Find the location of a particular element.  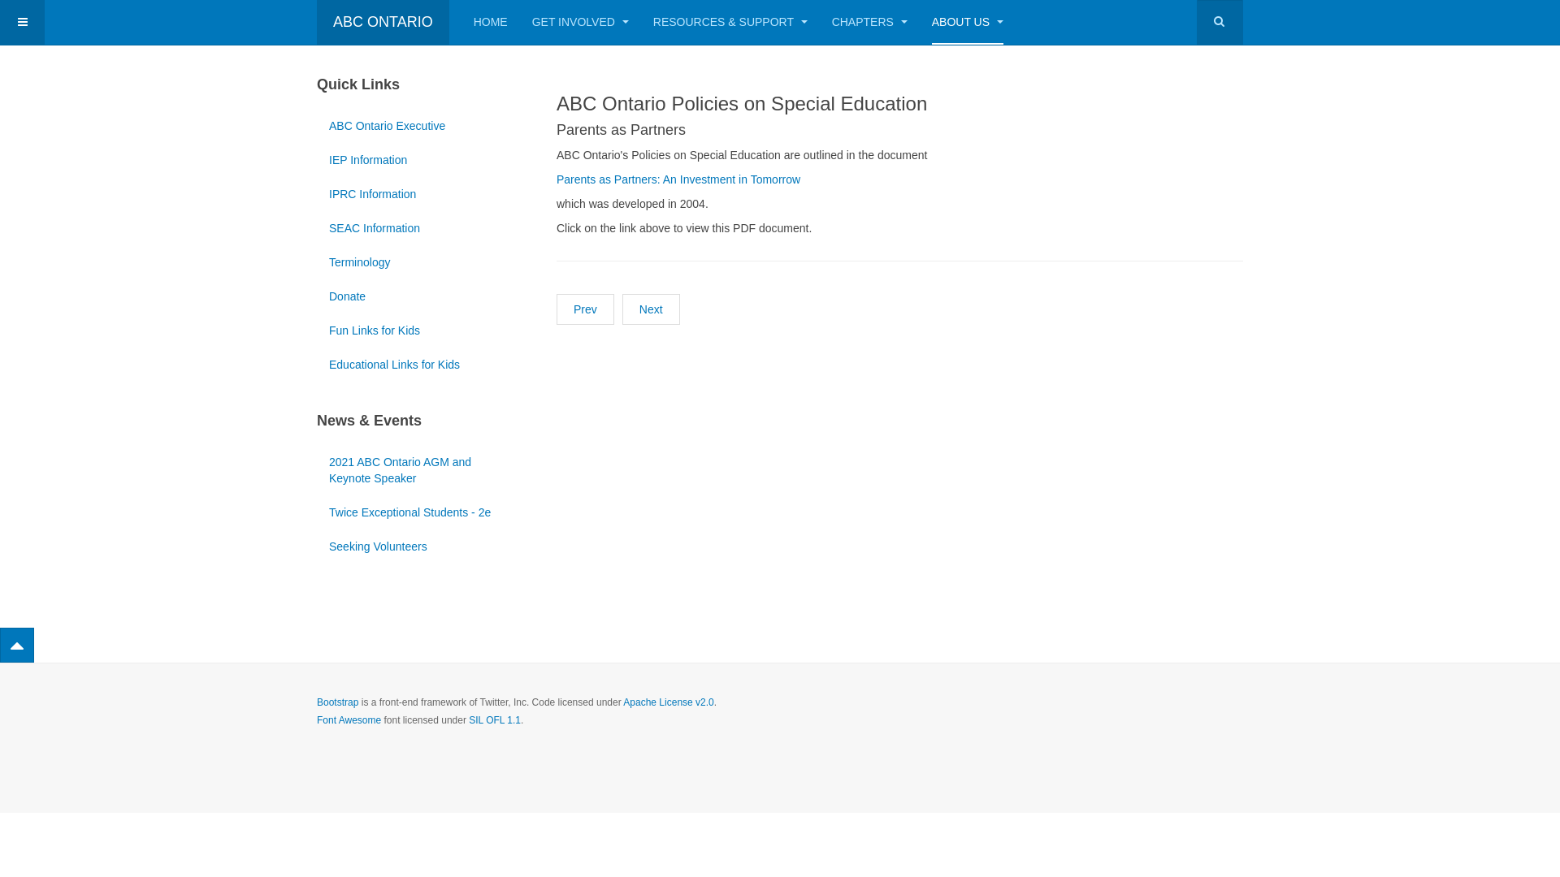

'Apache License v2.0' is located at coordinates (668, 701).